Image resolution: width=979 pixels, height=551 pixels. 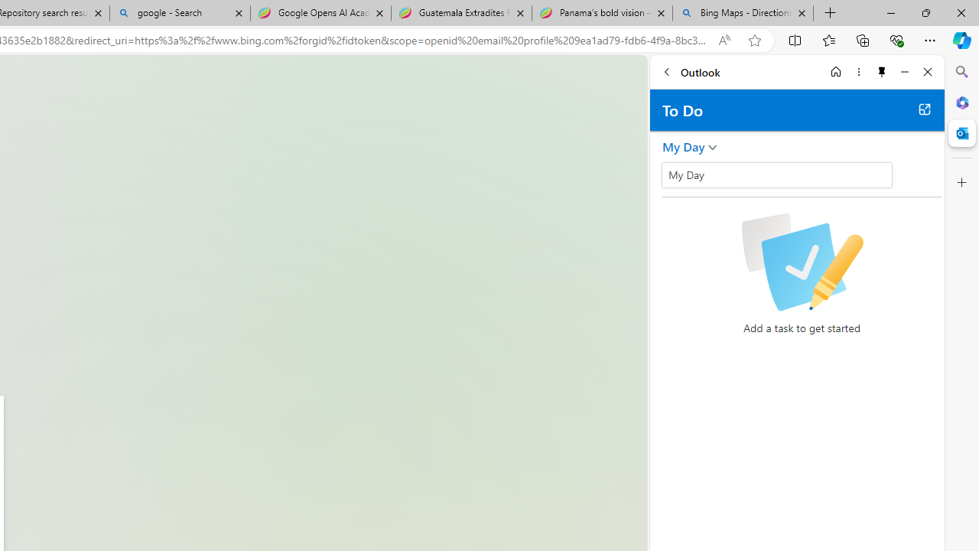 I want to click on 'My Day', so click(x=777, y=174).